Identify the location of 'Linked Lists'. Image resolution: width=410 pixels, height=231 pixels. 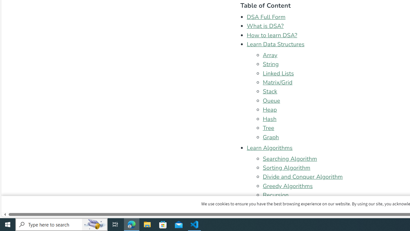
(278, 73).